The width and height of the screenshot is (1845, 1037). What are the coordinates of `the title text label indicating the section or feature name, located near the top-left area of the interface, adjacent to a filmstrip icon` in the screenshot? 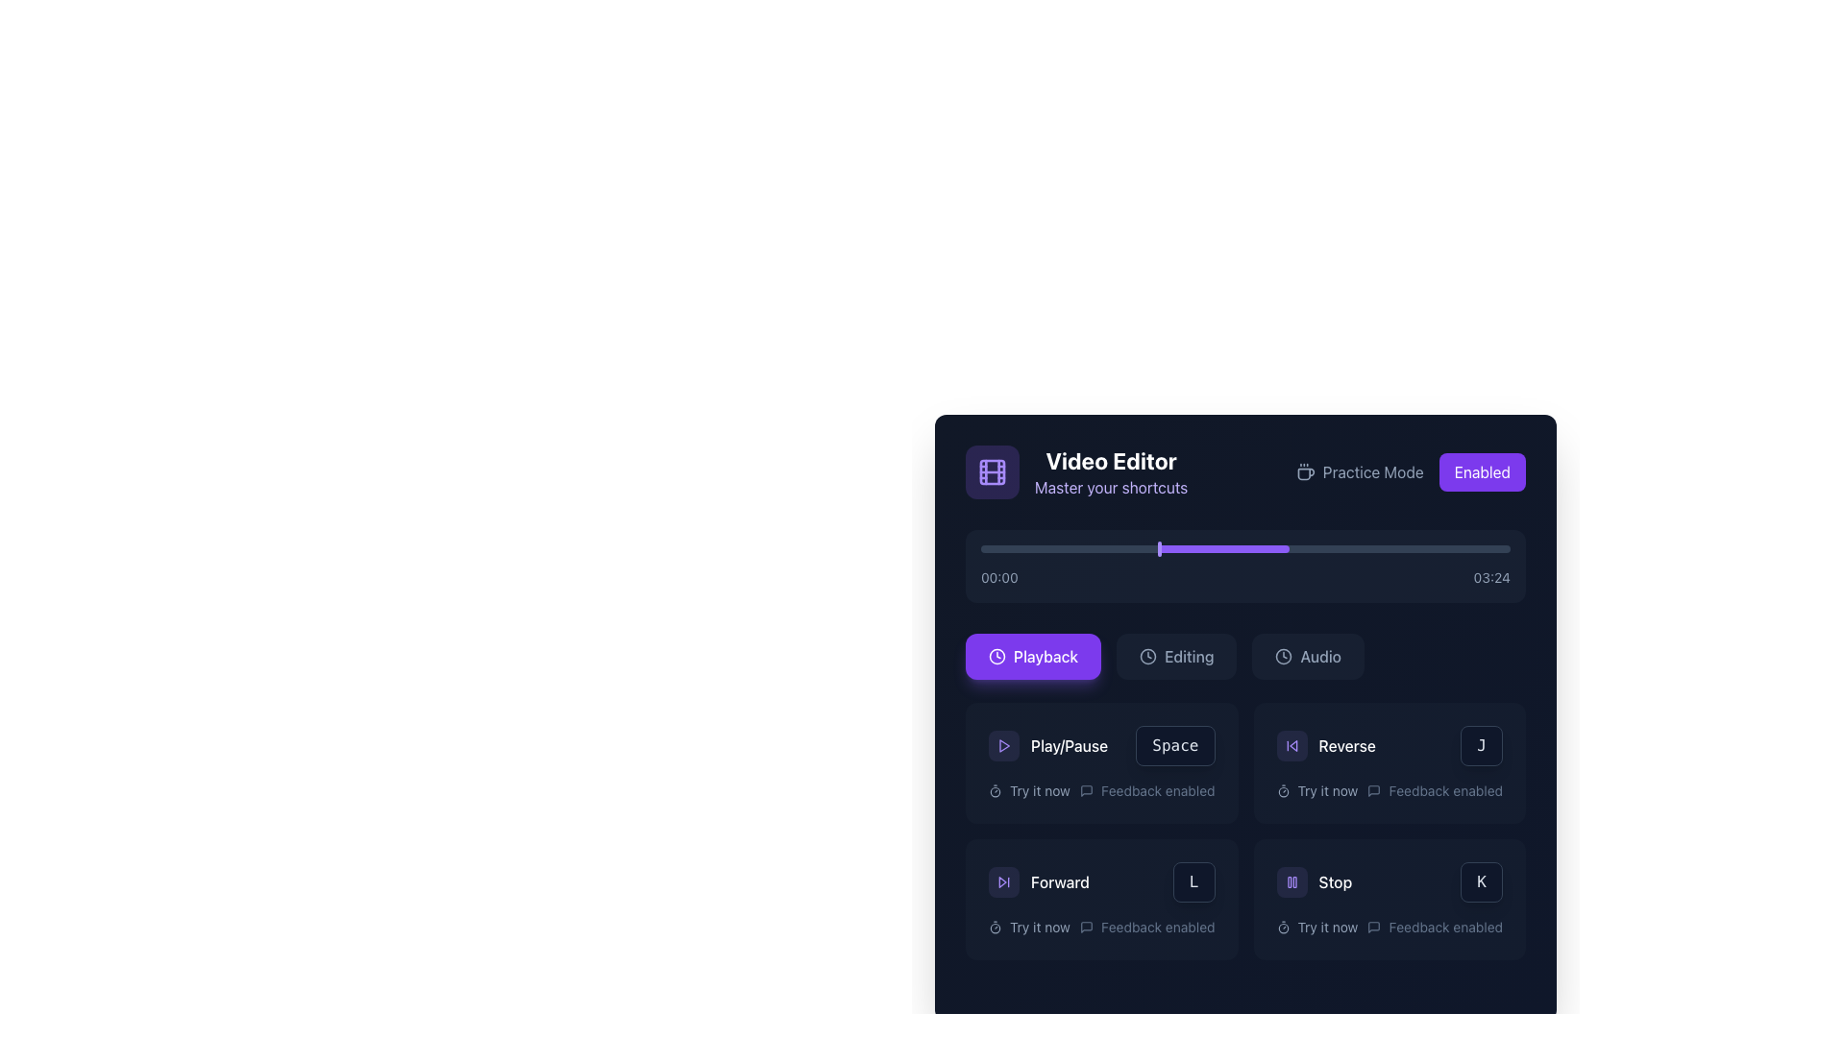 It's located at (1111, 460).